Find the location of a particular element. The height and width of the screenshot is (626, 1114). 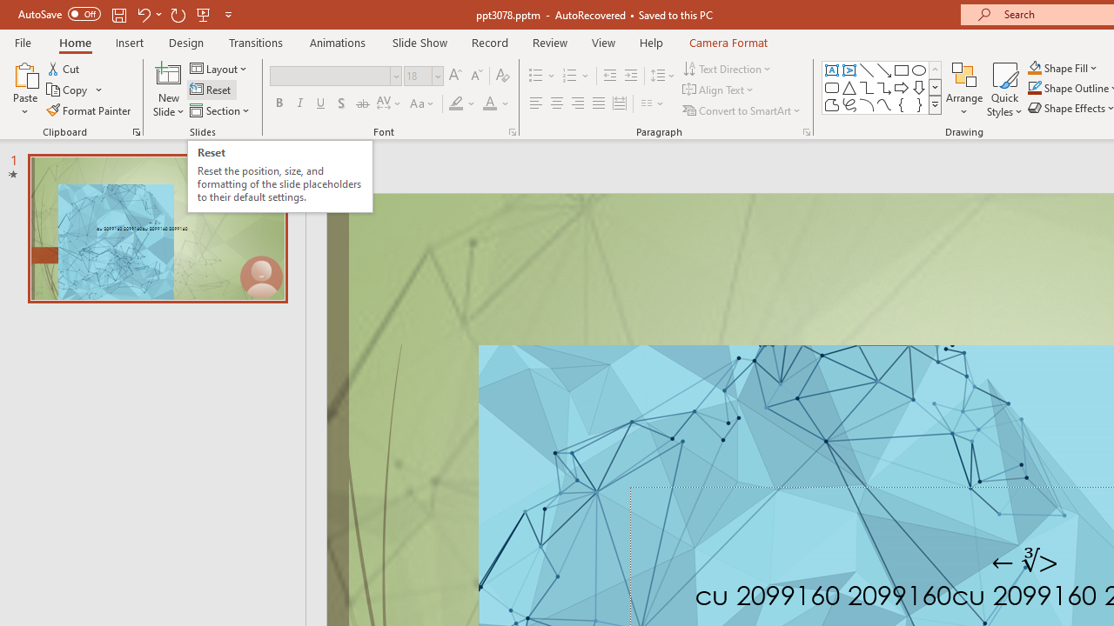

'Clear Formatting' is located at coordinates (501, 75).